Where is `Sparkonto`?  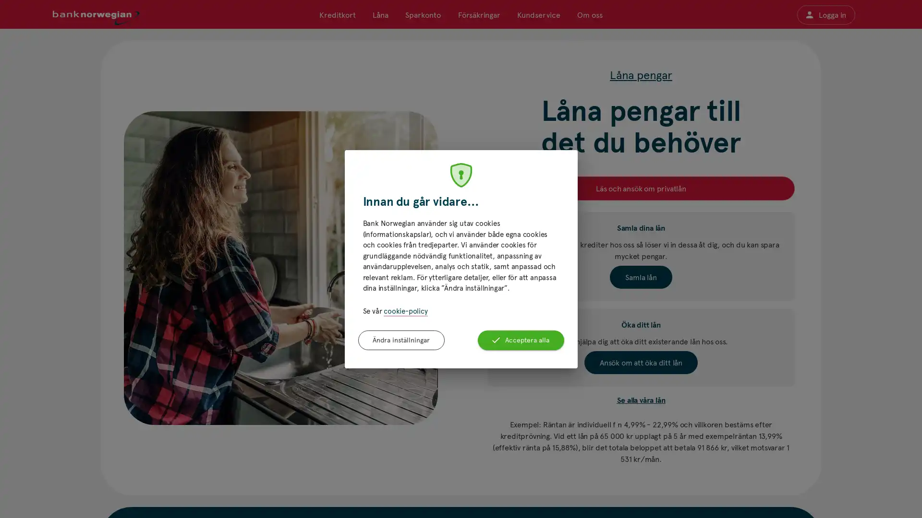 Sparkonto is located at coordinates (423, 14).